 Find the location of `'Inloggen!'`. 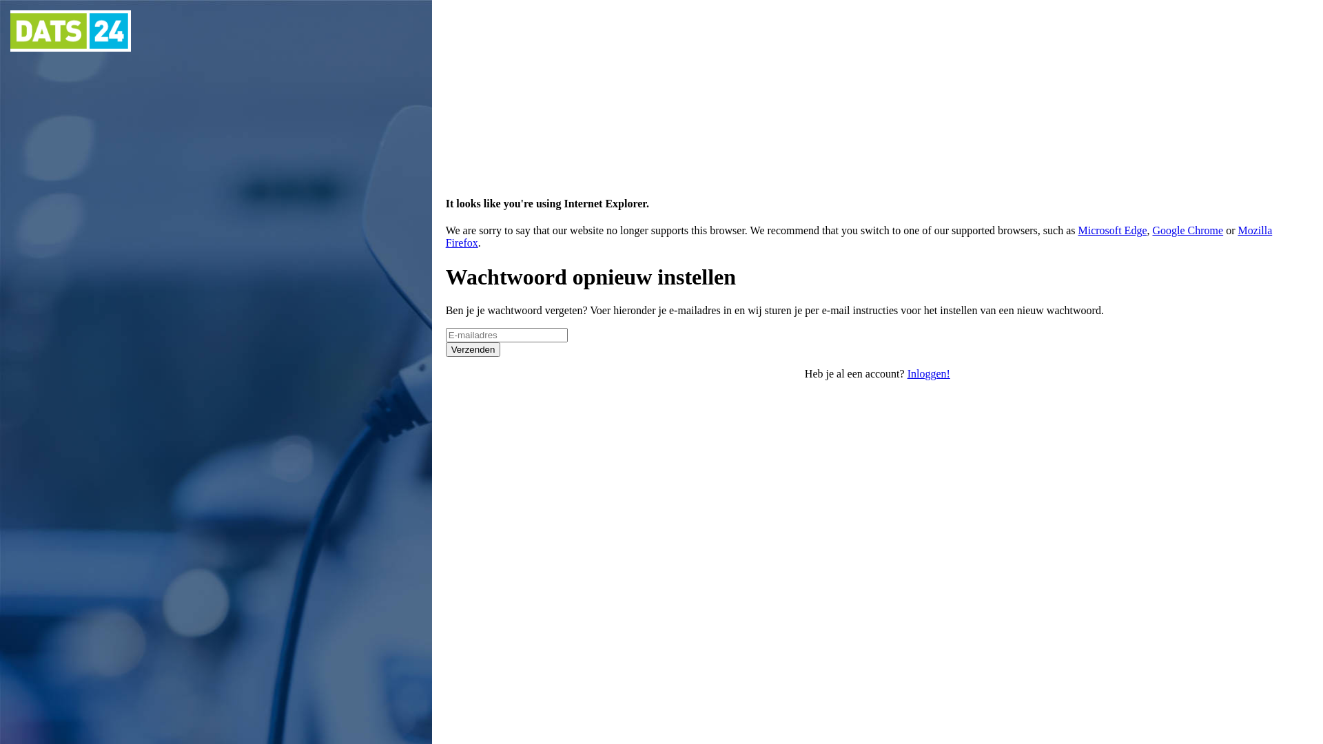

'Inloggen!' is located at coordinates (929, 373).